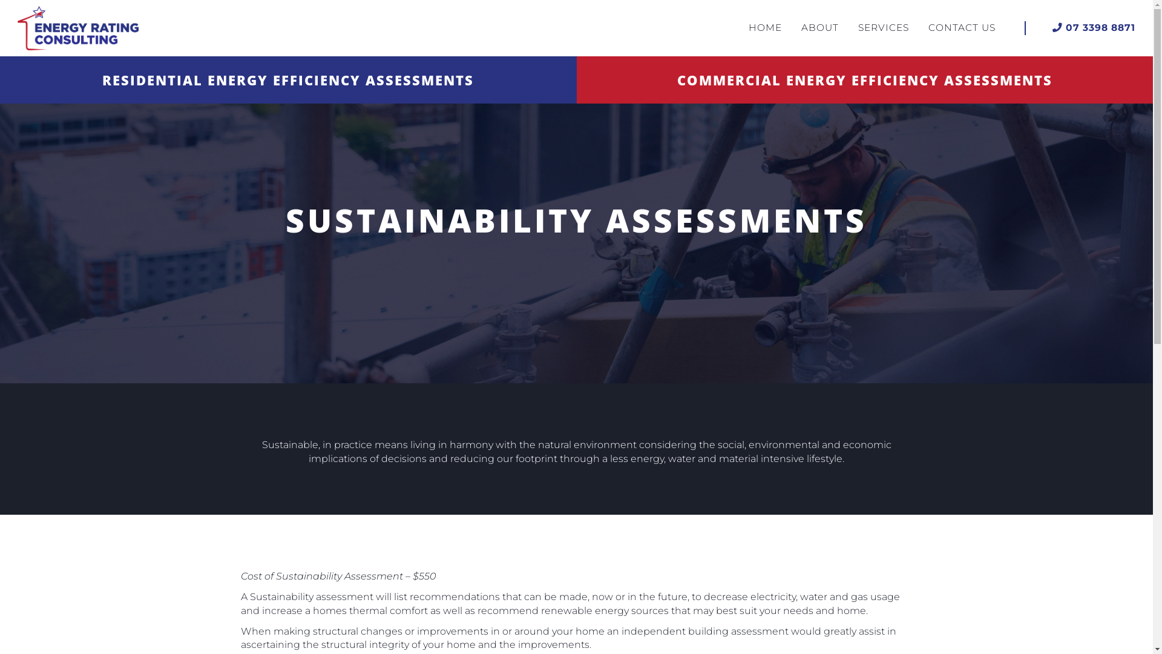  What do you see at coordinates (819, 27) in the screenshot?
I see `'ABOUT'` at bounding box center [819, 27].